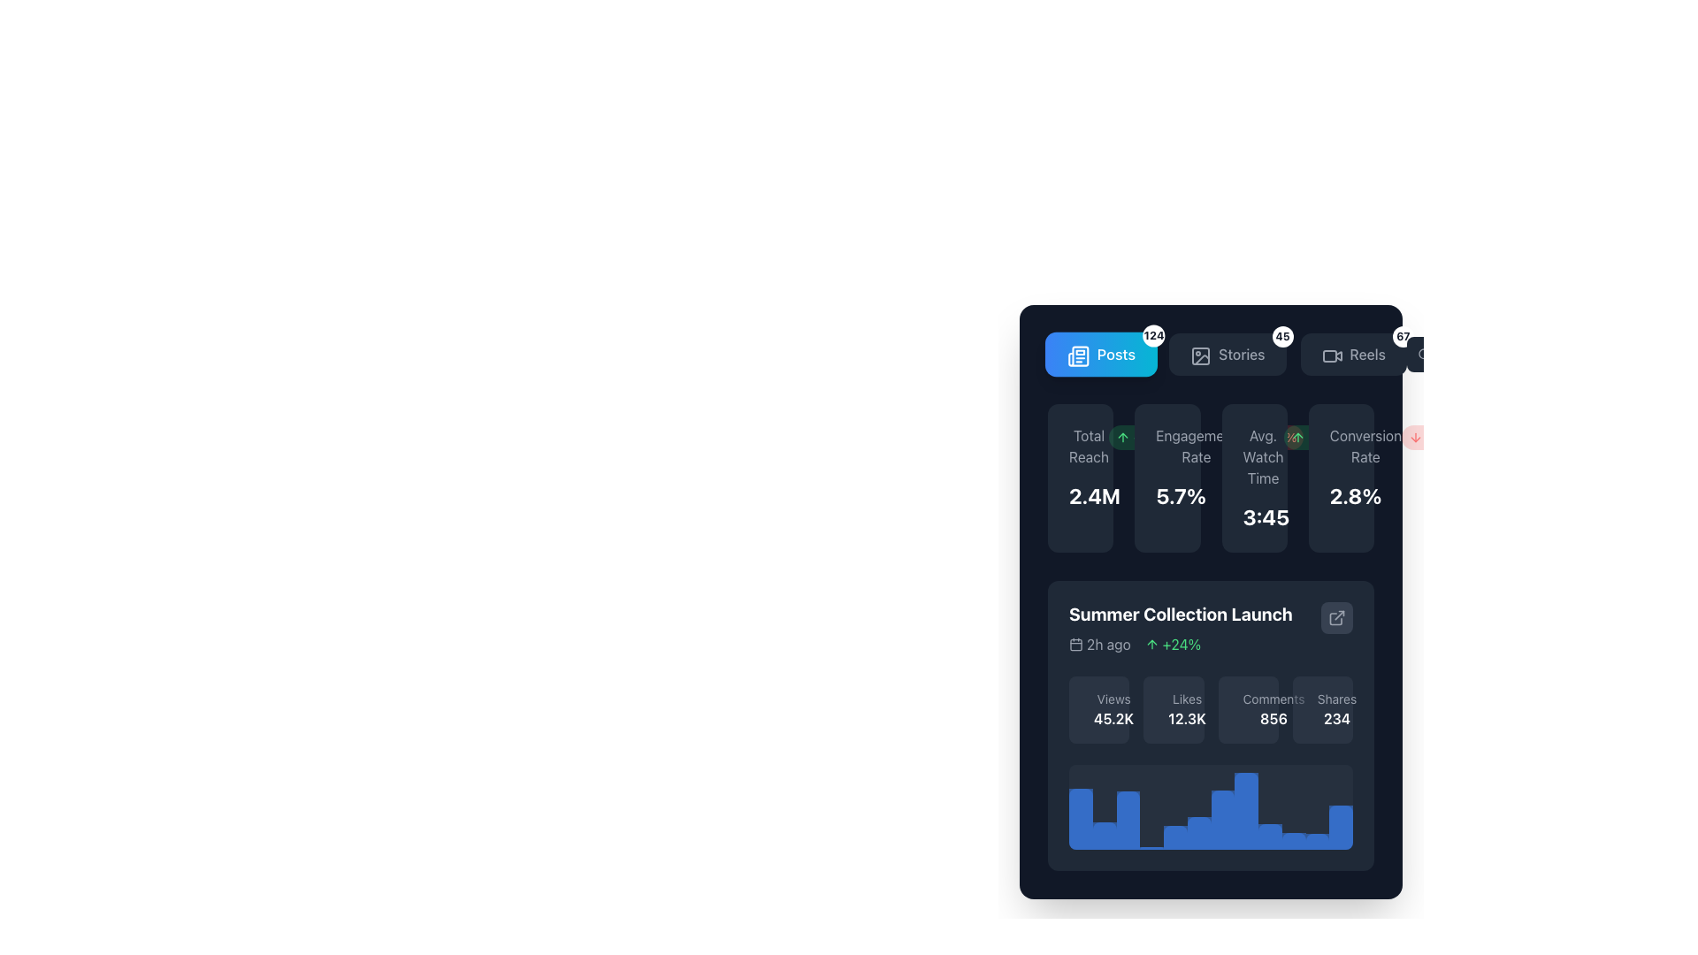  What do you see at coordinates (1182, 645) in the screenshot?
I see `the text display that shows the growth or improvement percentage, located to the right of the upward arrow icon within the 'Summer Collection Launch' card` at bounding box center [1182, 645].